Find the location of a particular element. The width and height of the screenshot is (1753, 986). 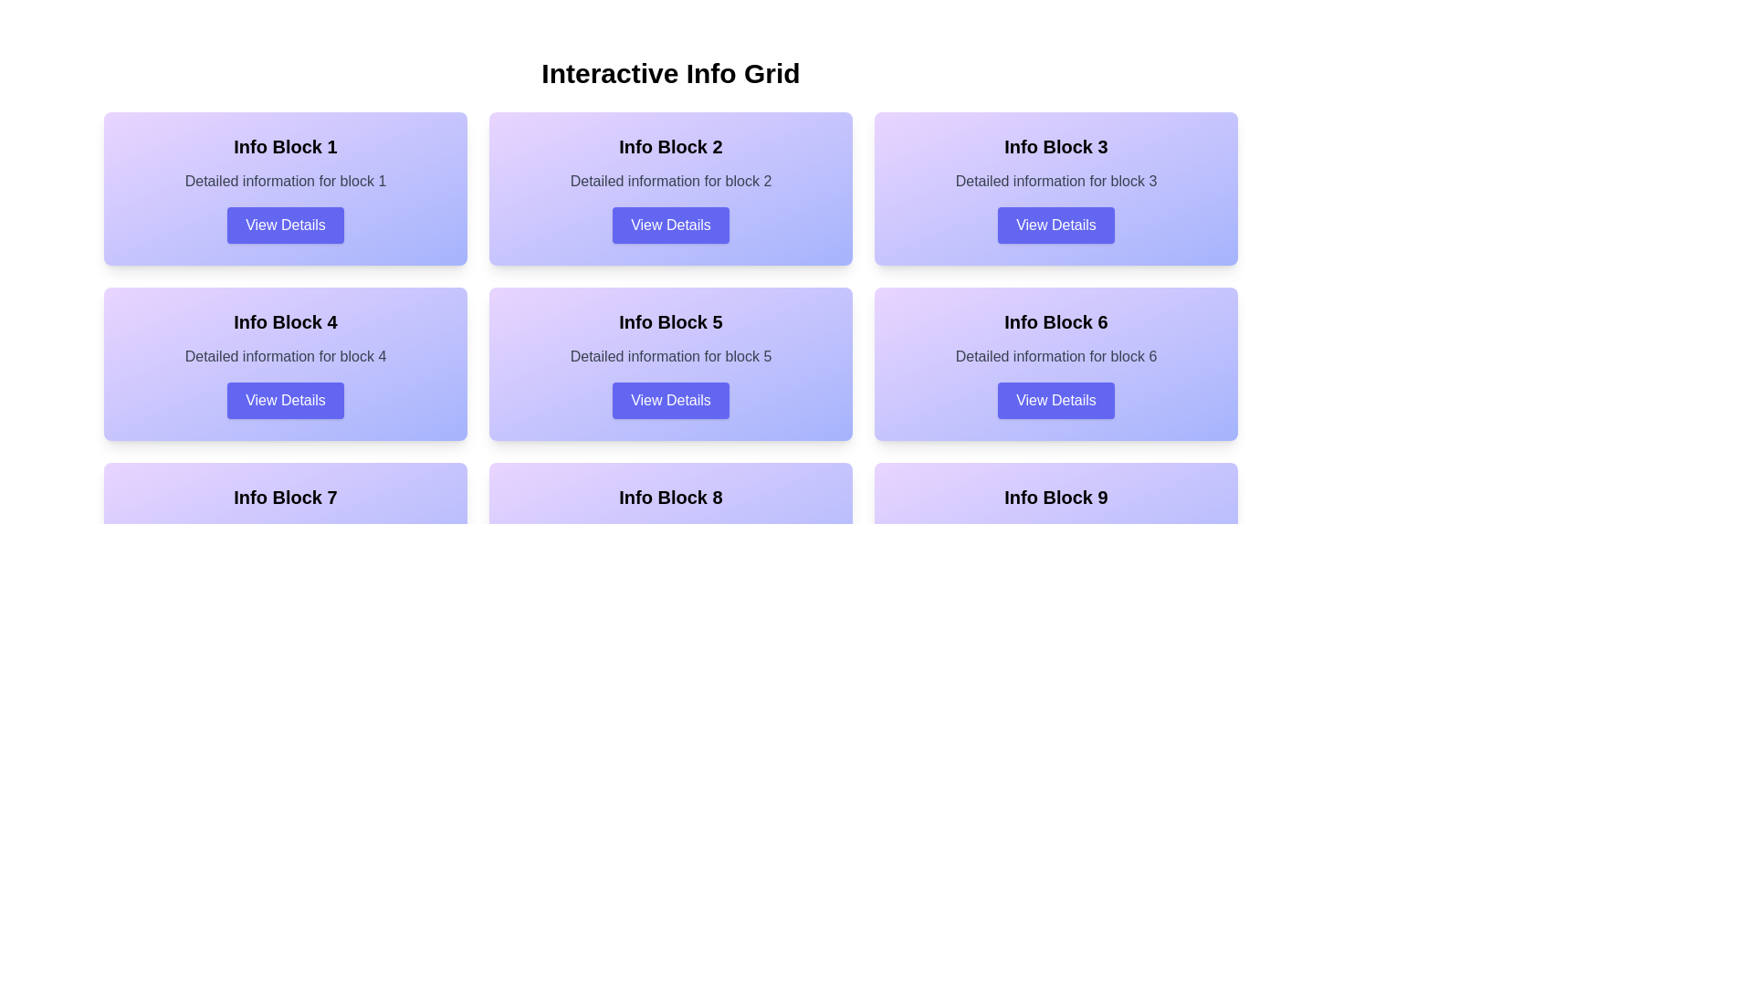

the text element displaying 'Detailed information for block 4' which is centrally aligned within the 'Info Block 4' card is located at coordinates (284, 356).